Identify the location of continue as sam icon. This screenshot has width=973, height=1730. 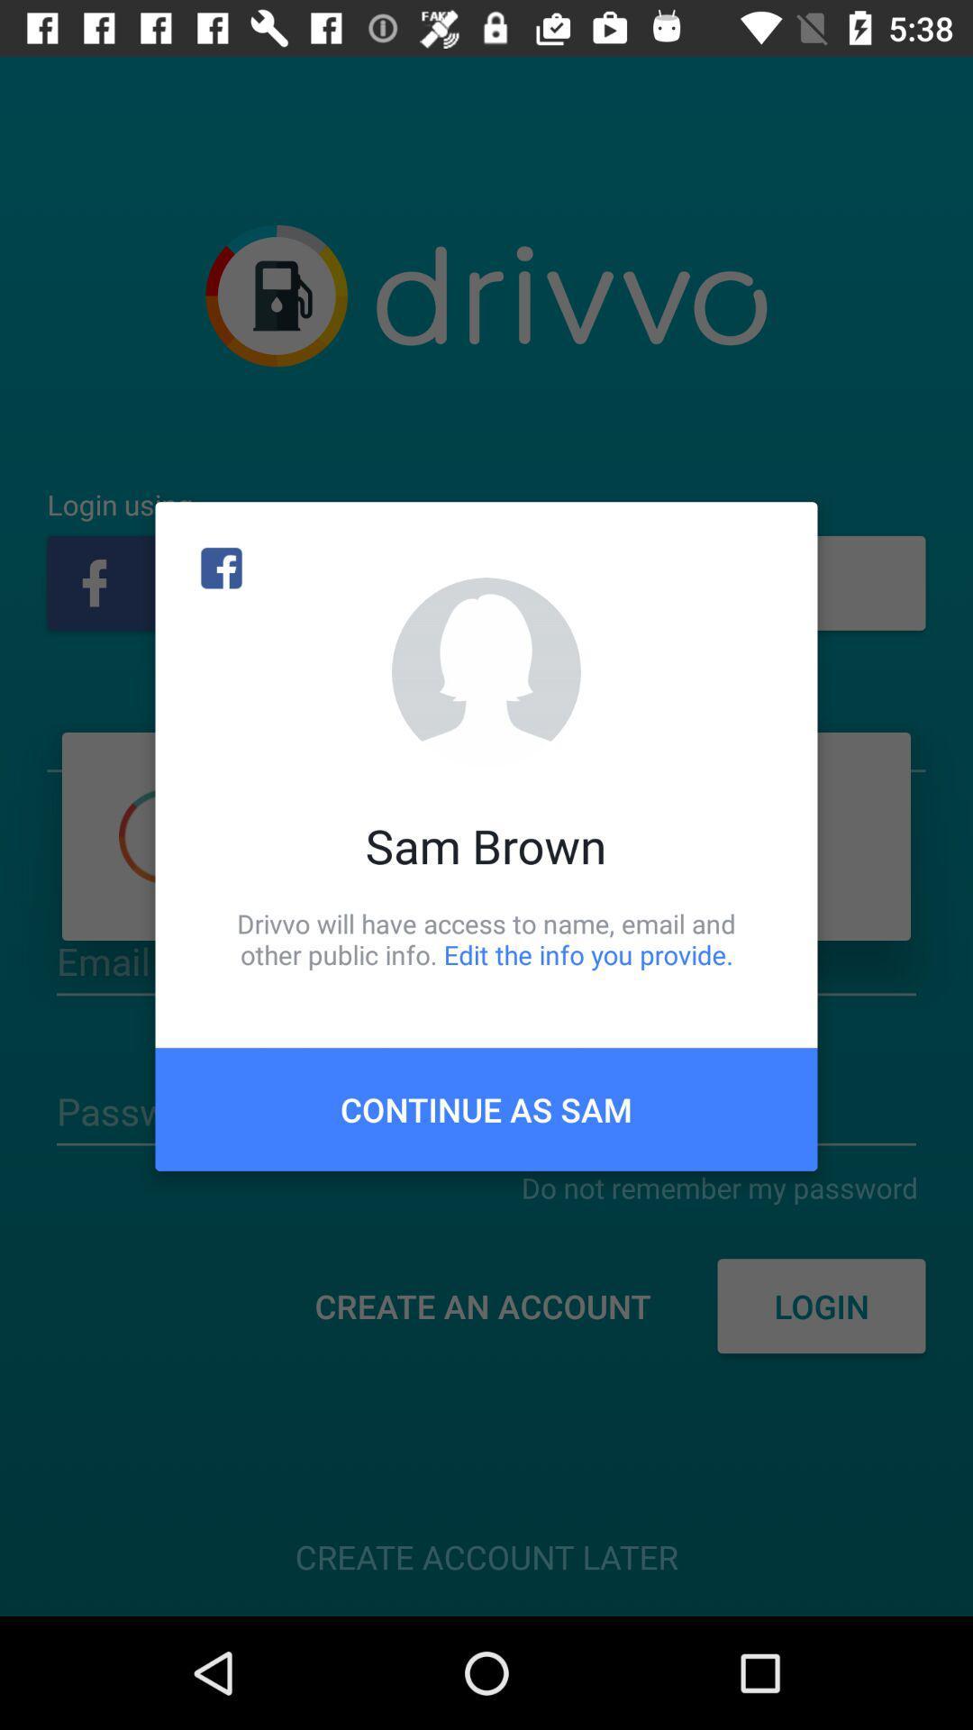
(486, 1108).